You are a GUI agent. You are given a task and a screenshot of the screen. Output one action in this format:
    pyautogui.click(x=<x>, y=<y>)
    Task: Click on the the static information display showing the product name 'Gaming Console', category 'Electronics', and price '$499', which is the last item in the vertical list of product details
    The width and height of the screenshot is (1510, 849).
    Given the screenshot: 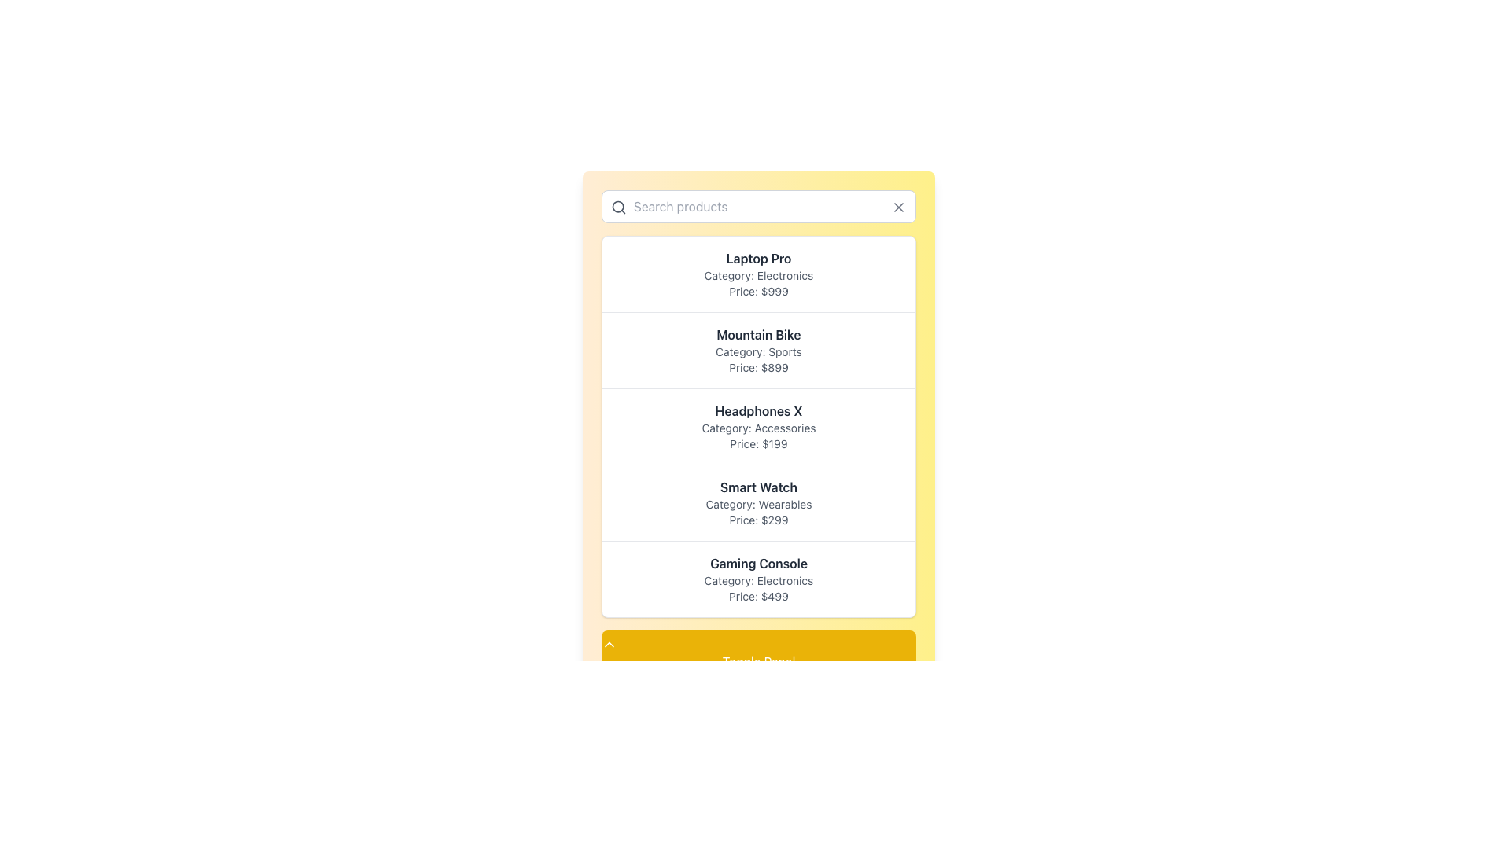 What is the action you would take?
    pyautogui.click(x=758, y=579)
    